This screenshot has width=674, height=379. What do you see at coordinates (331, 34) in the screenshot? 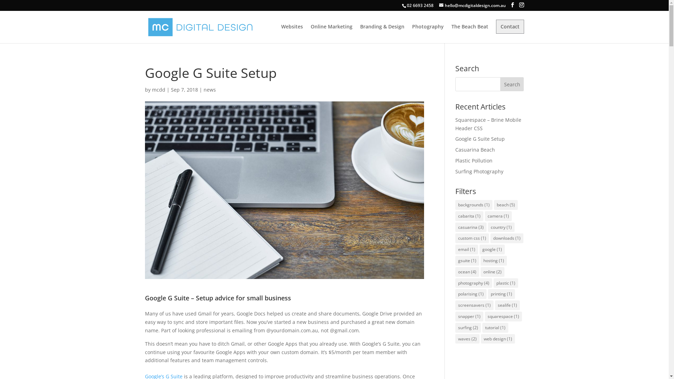
I see `'Online Marketing'` at bounding box center [331, 34].